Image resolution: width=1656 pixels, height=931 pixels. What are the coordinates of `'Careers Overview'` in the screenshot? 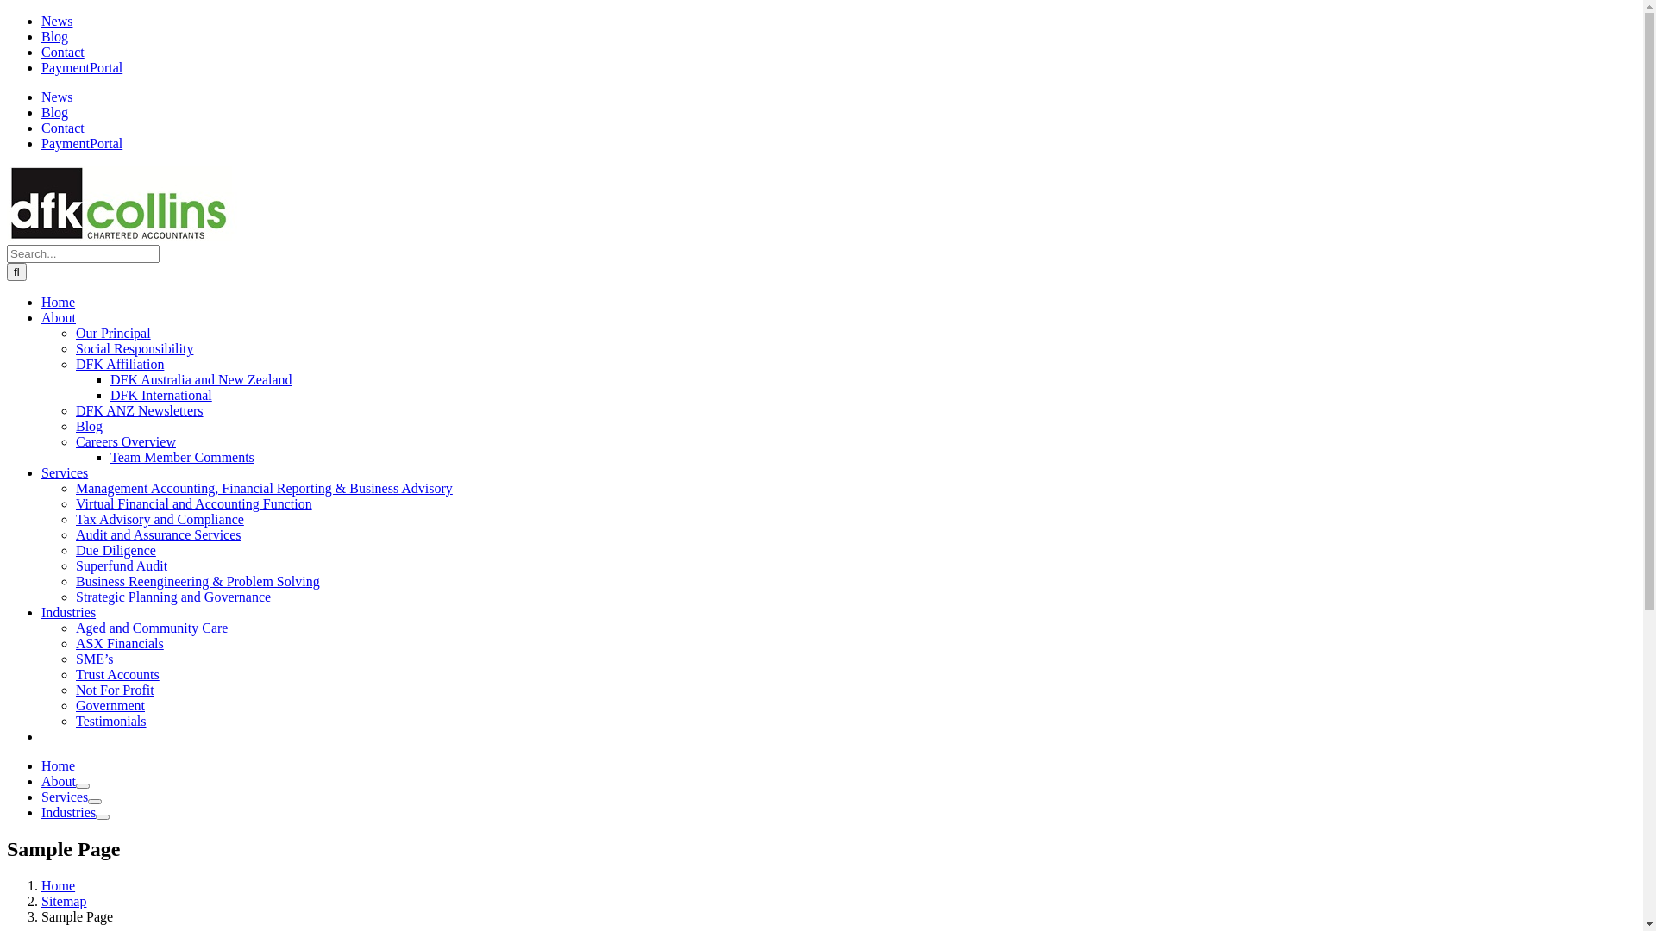 It's located at (124, 441).